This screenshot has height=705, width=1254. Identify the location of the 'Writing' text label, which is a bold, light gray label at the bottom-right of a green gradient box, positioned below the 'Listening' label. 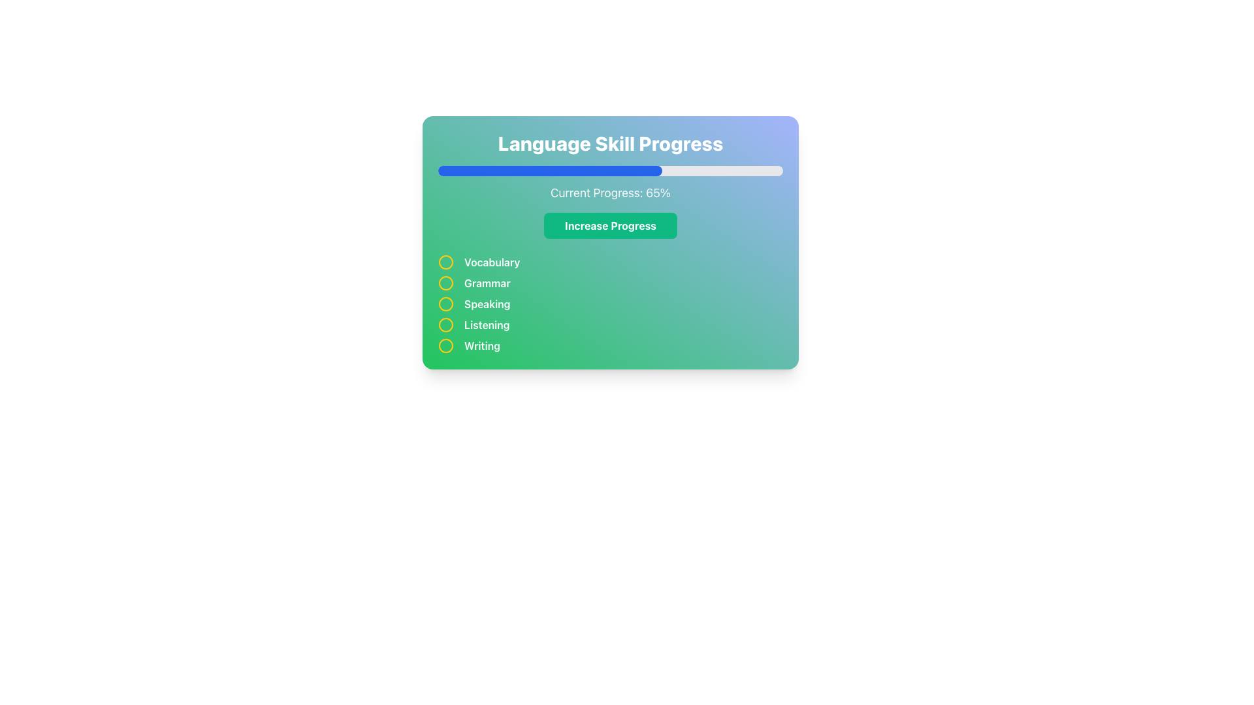
(481, 345).